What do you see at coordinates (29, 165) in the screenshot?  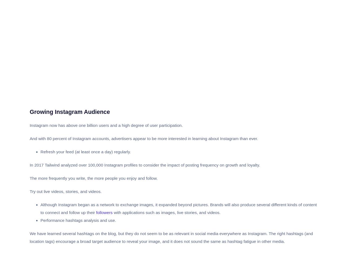 I see `'In 2017 Tailwind analyzed over 100,000 Instagram profiles to consider the impact of posting frequency on growth and loyalty.'` at bounding box center [29, 165].